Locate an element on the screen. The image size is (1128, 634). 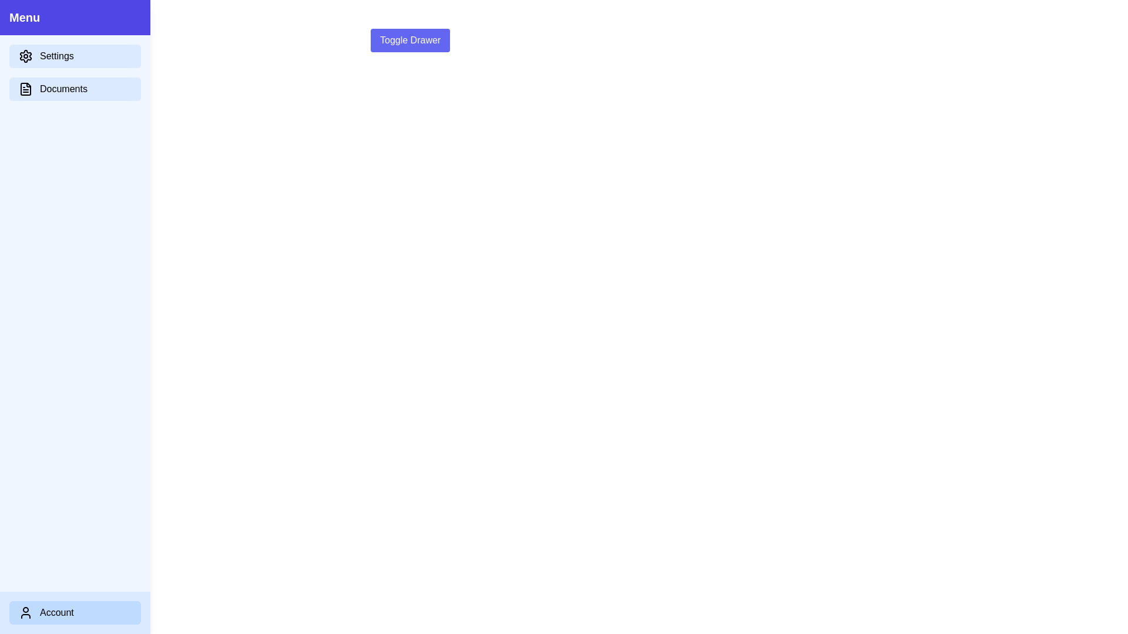
the 'Toggle Drawer' button to toggle the drawer open or closed is located at coordinates (409, 40).